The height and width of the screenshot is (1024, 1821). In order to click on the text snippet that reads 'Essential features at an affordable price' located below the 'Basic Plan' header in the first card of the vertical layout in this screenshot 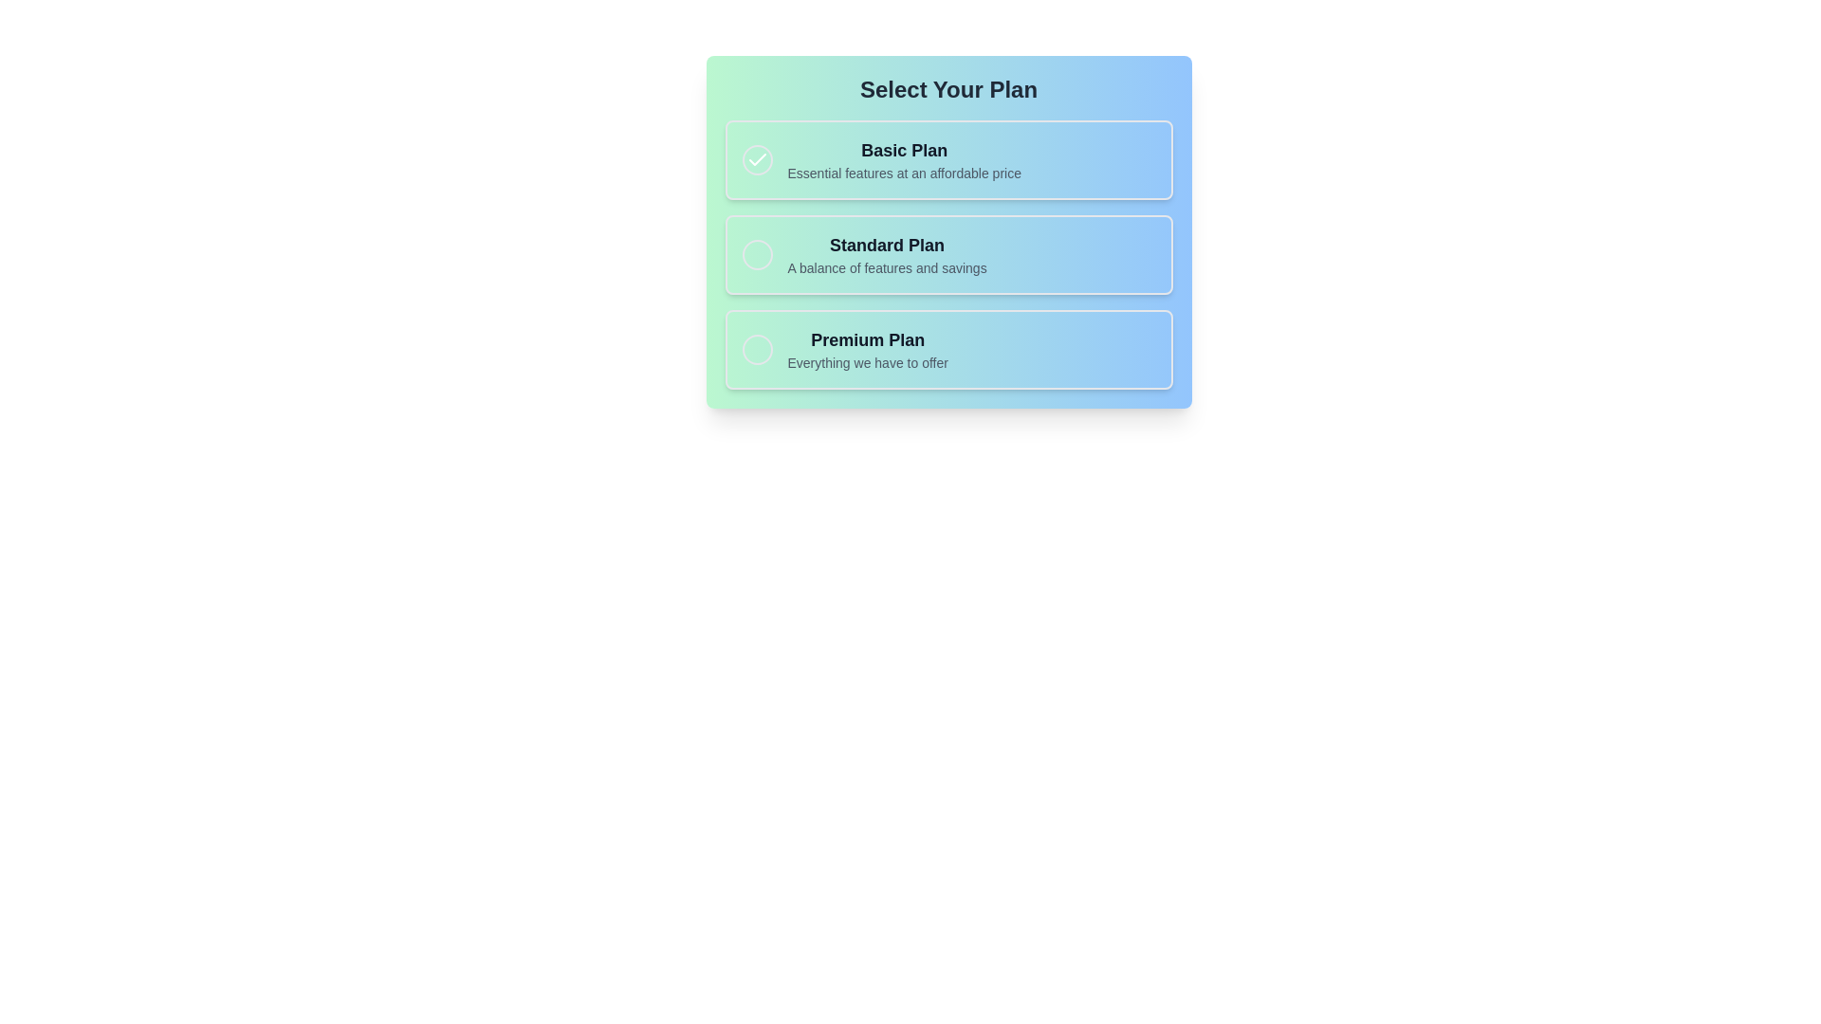, I will do `click(903, 173)`.